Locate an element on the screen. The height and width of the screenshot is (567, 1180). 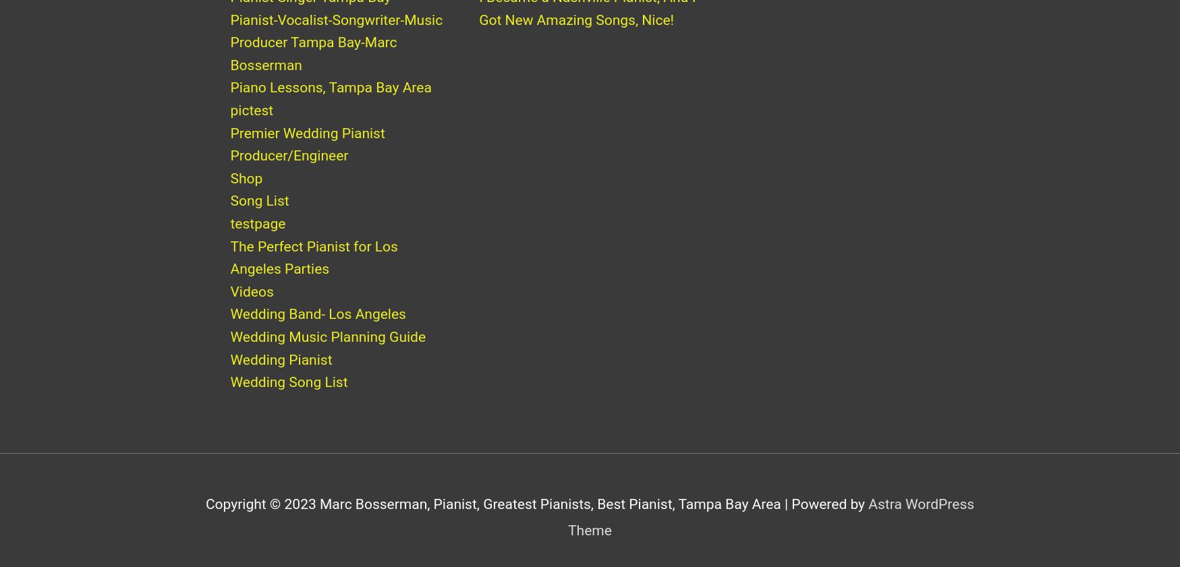
'Marc Bosserman, Pianist, Greatest Pianists, Best Pianist, Tampa Bay Area' is located at coordinates (318, 516).